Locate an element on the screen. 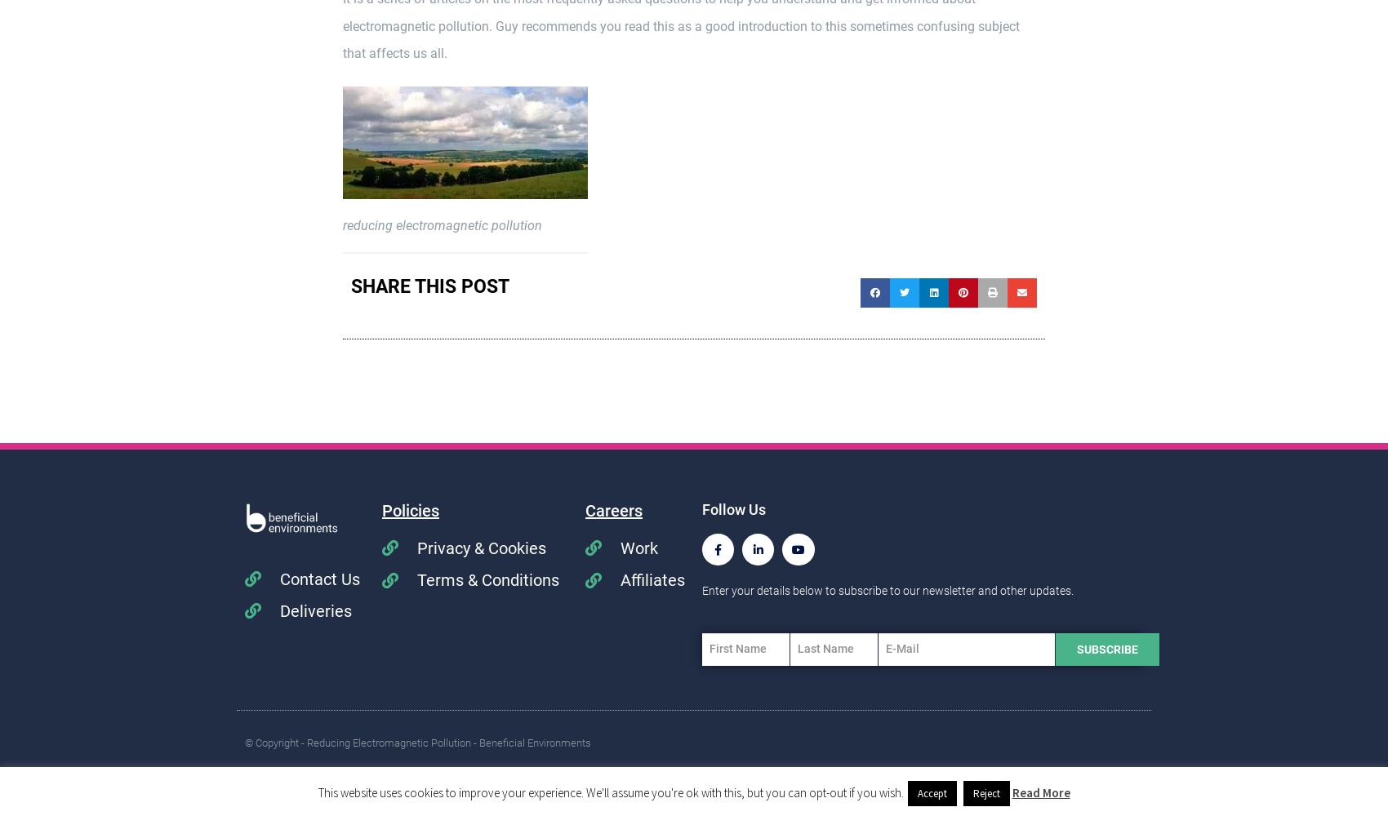  'reducing electromagnetic pollution' is located at coordinates (441, 224).